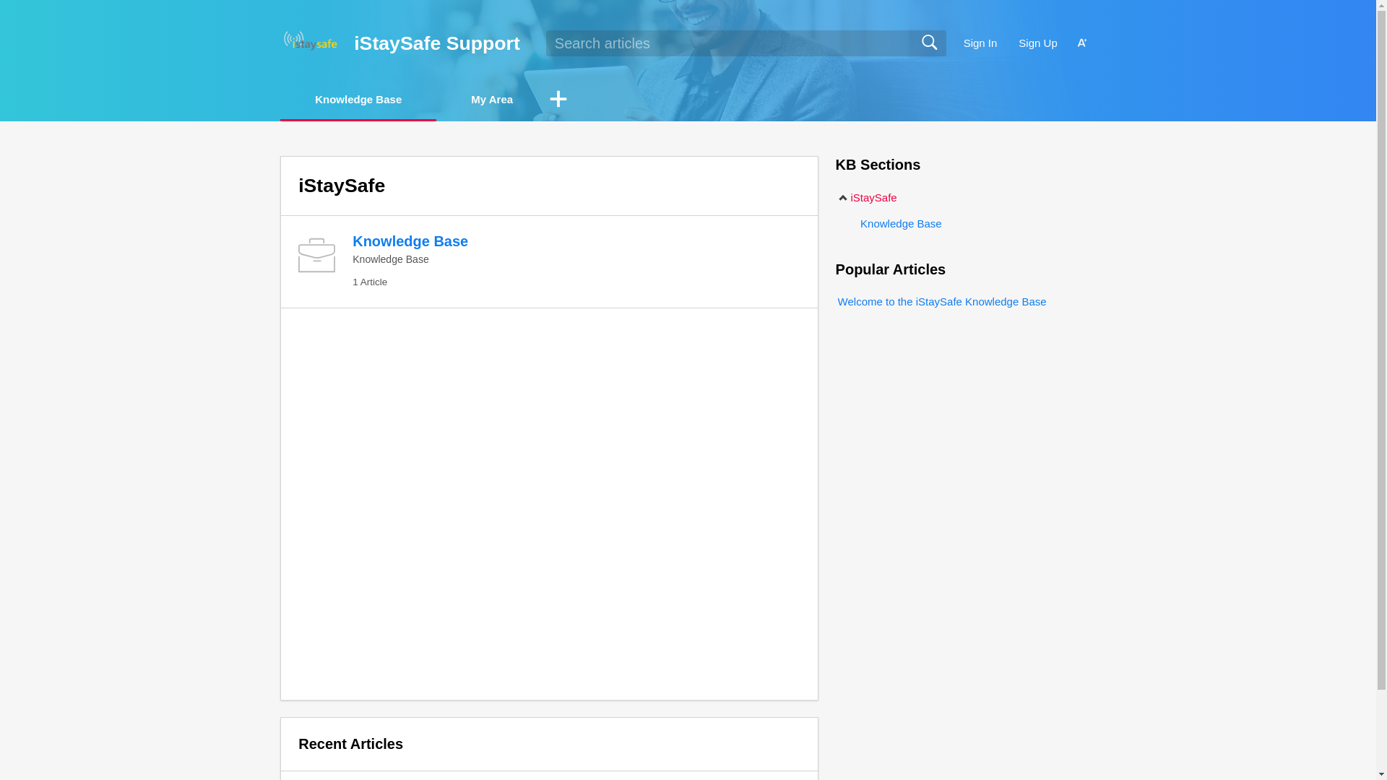 This screenshot has height=780, width=1387. I want to click on 'Search', so click(920, 42).